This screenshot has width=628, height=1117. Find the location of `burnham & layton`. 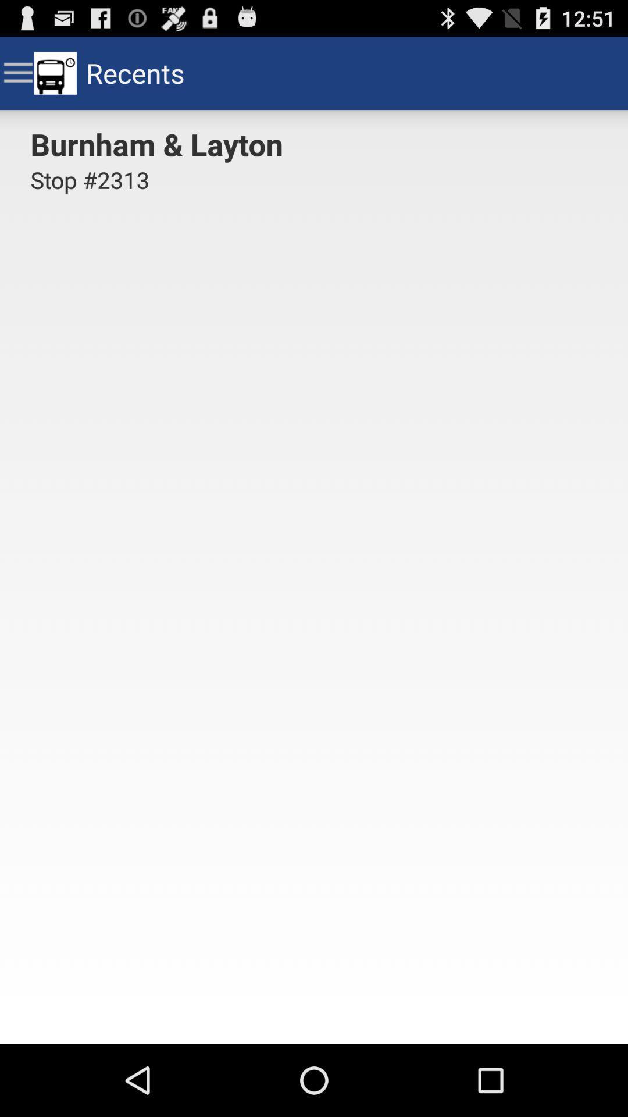

burnham & layton is located at coordinates (160, 143).